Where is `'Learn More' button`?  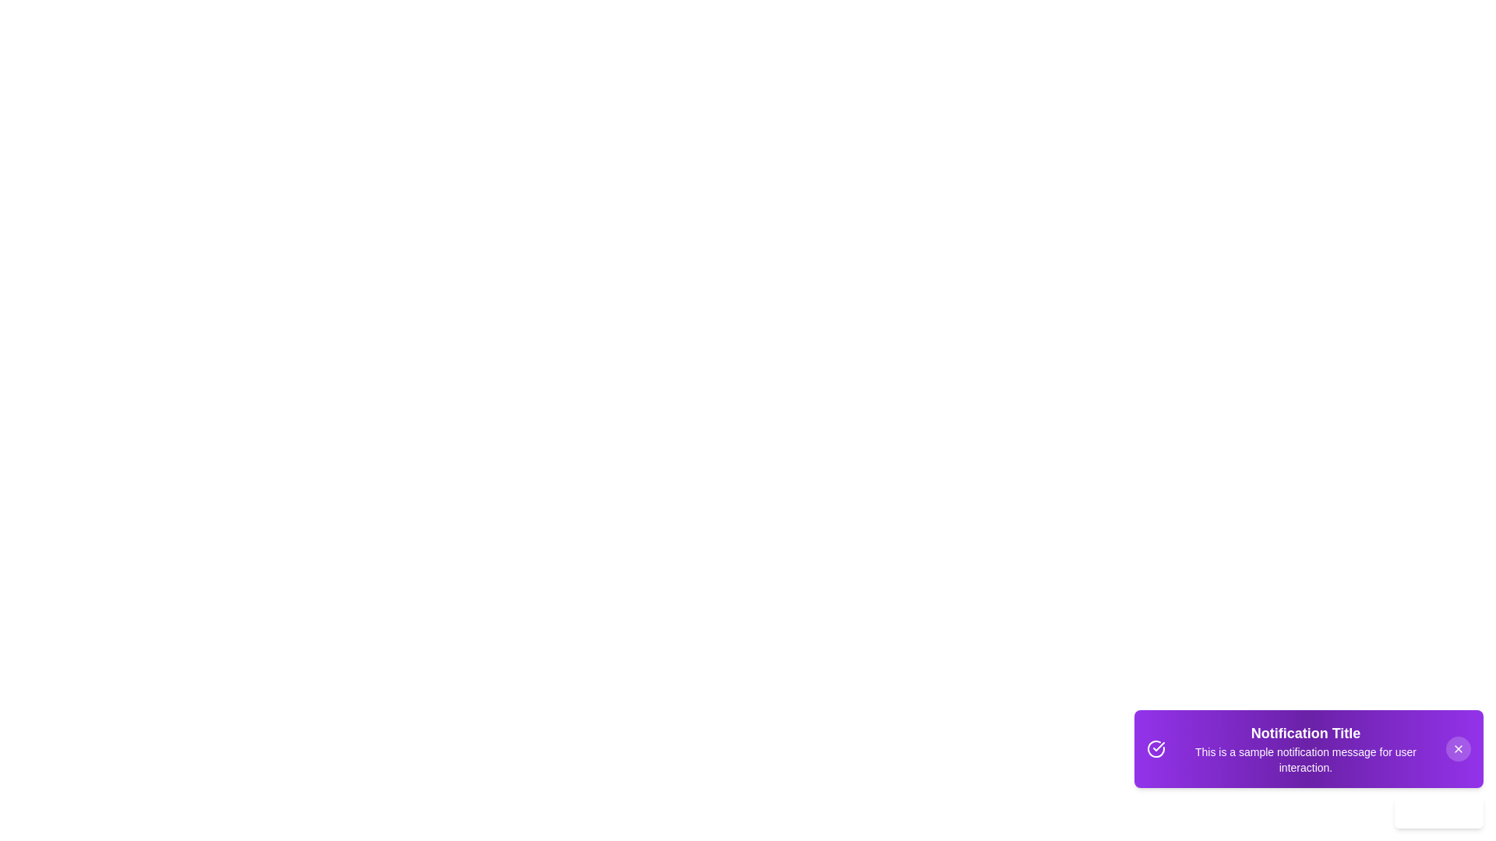 'Learn More' button is located at coordinates (1438, 812).